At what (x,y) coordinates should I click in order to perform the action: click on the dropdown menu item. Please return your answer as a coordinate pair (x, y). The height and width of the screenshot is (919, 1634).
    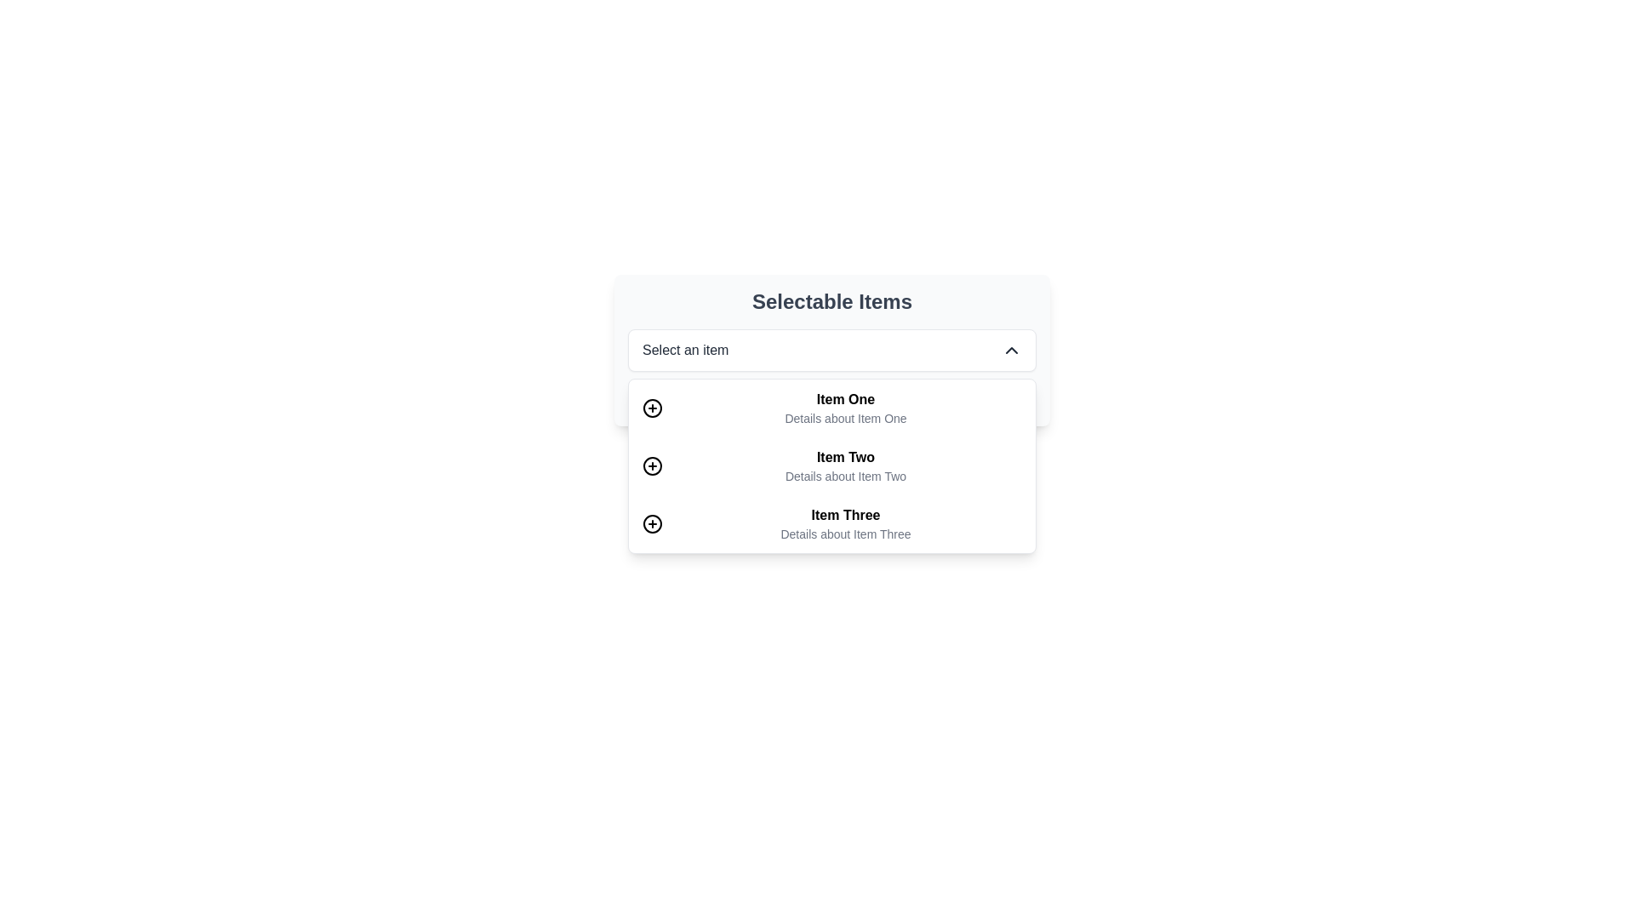
    Looking at the image, I should click on (832, 465).